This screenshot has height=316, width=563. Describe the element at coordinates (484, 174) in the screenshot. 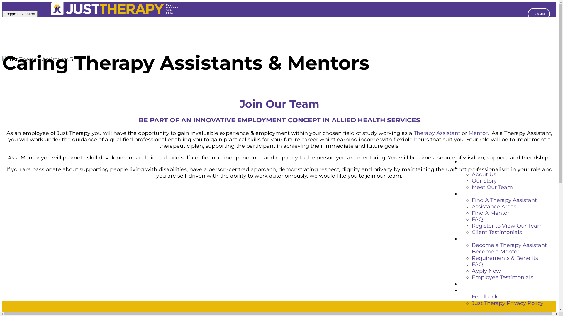

I see `'About Us'` at that location.